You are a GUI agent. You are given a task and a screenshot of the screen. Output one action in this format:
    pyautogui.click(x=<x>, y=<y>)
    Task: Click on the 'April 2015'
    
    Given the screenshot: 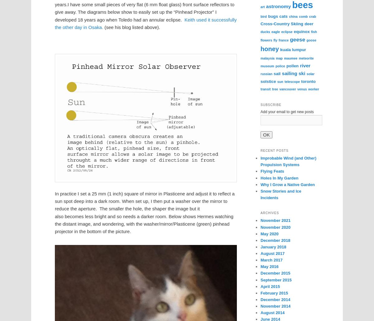 What is the action you would take?
    pyautogui.click(x=270, y=286)
    